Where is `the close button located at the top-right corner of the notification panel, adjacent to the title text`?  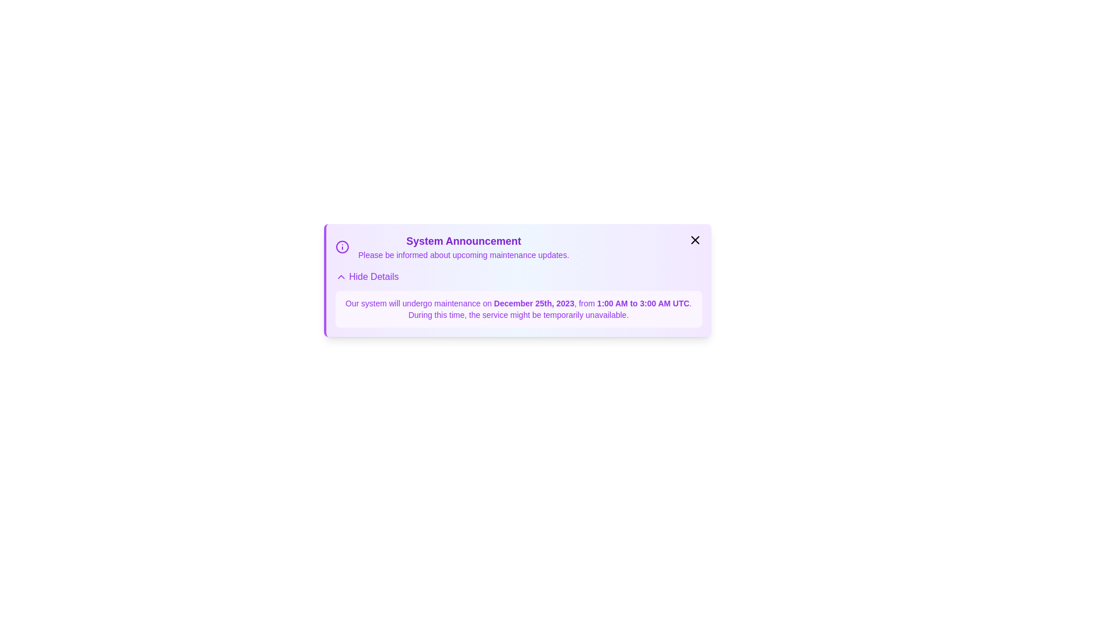
the close button located at the top-right corner of the notification panel, adjacent to the title text is located at coordinates (694, 239).